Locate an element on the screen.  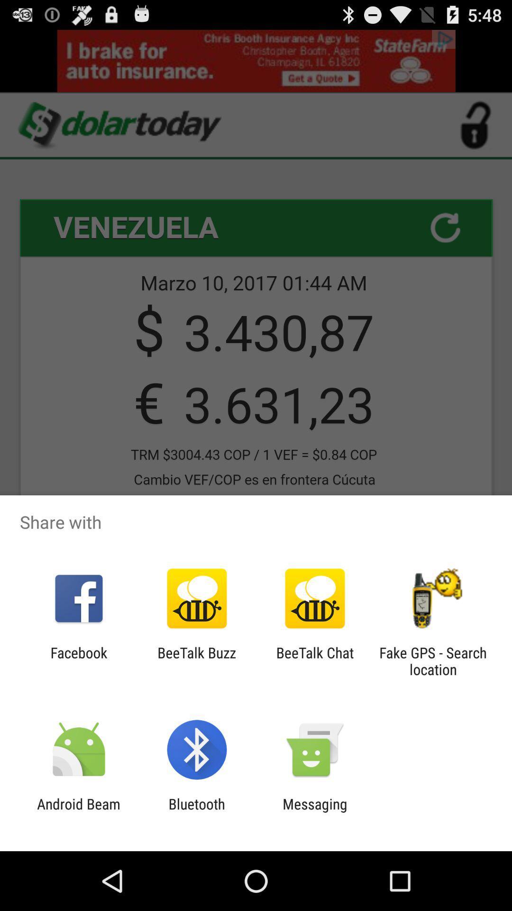
the bluetooth app is located at coordinates (196, 812).